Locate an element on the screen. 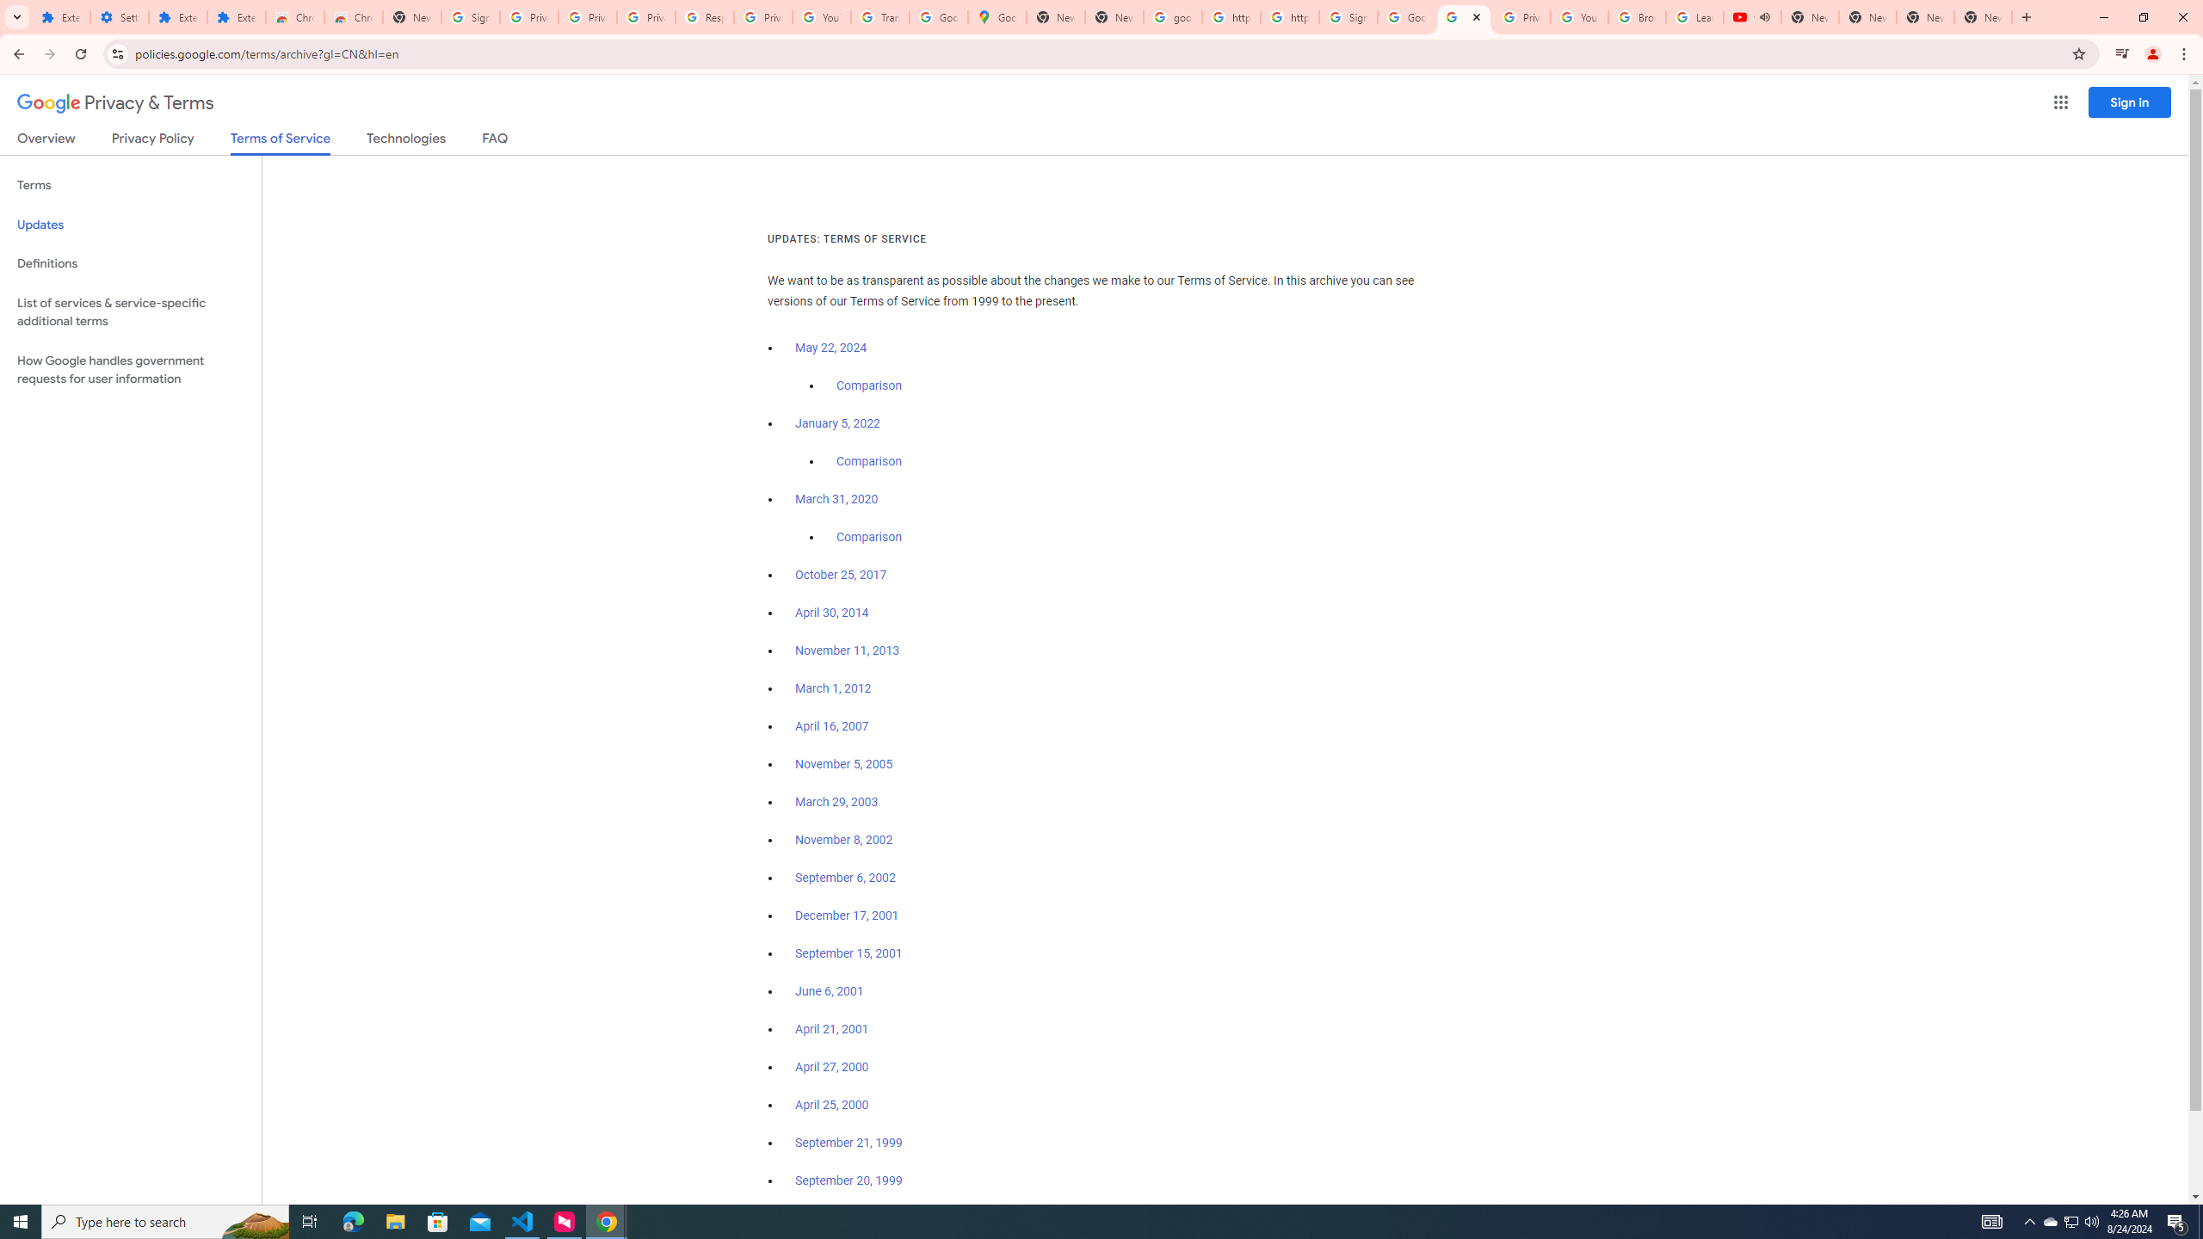 Image resolution: width=2203 pixels, height=1239 pixels. 'Definitions' is located at coordinates (130, 263).